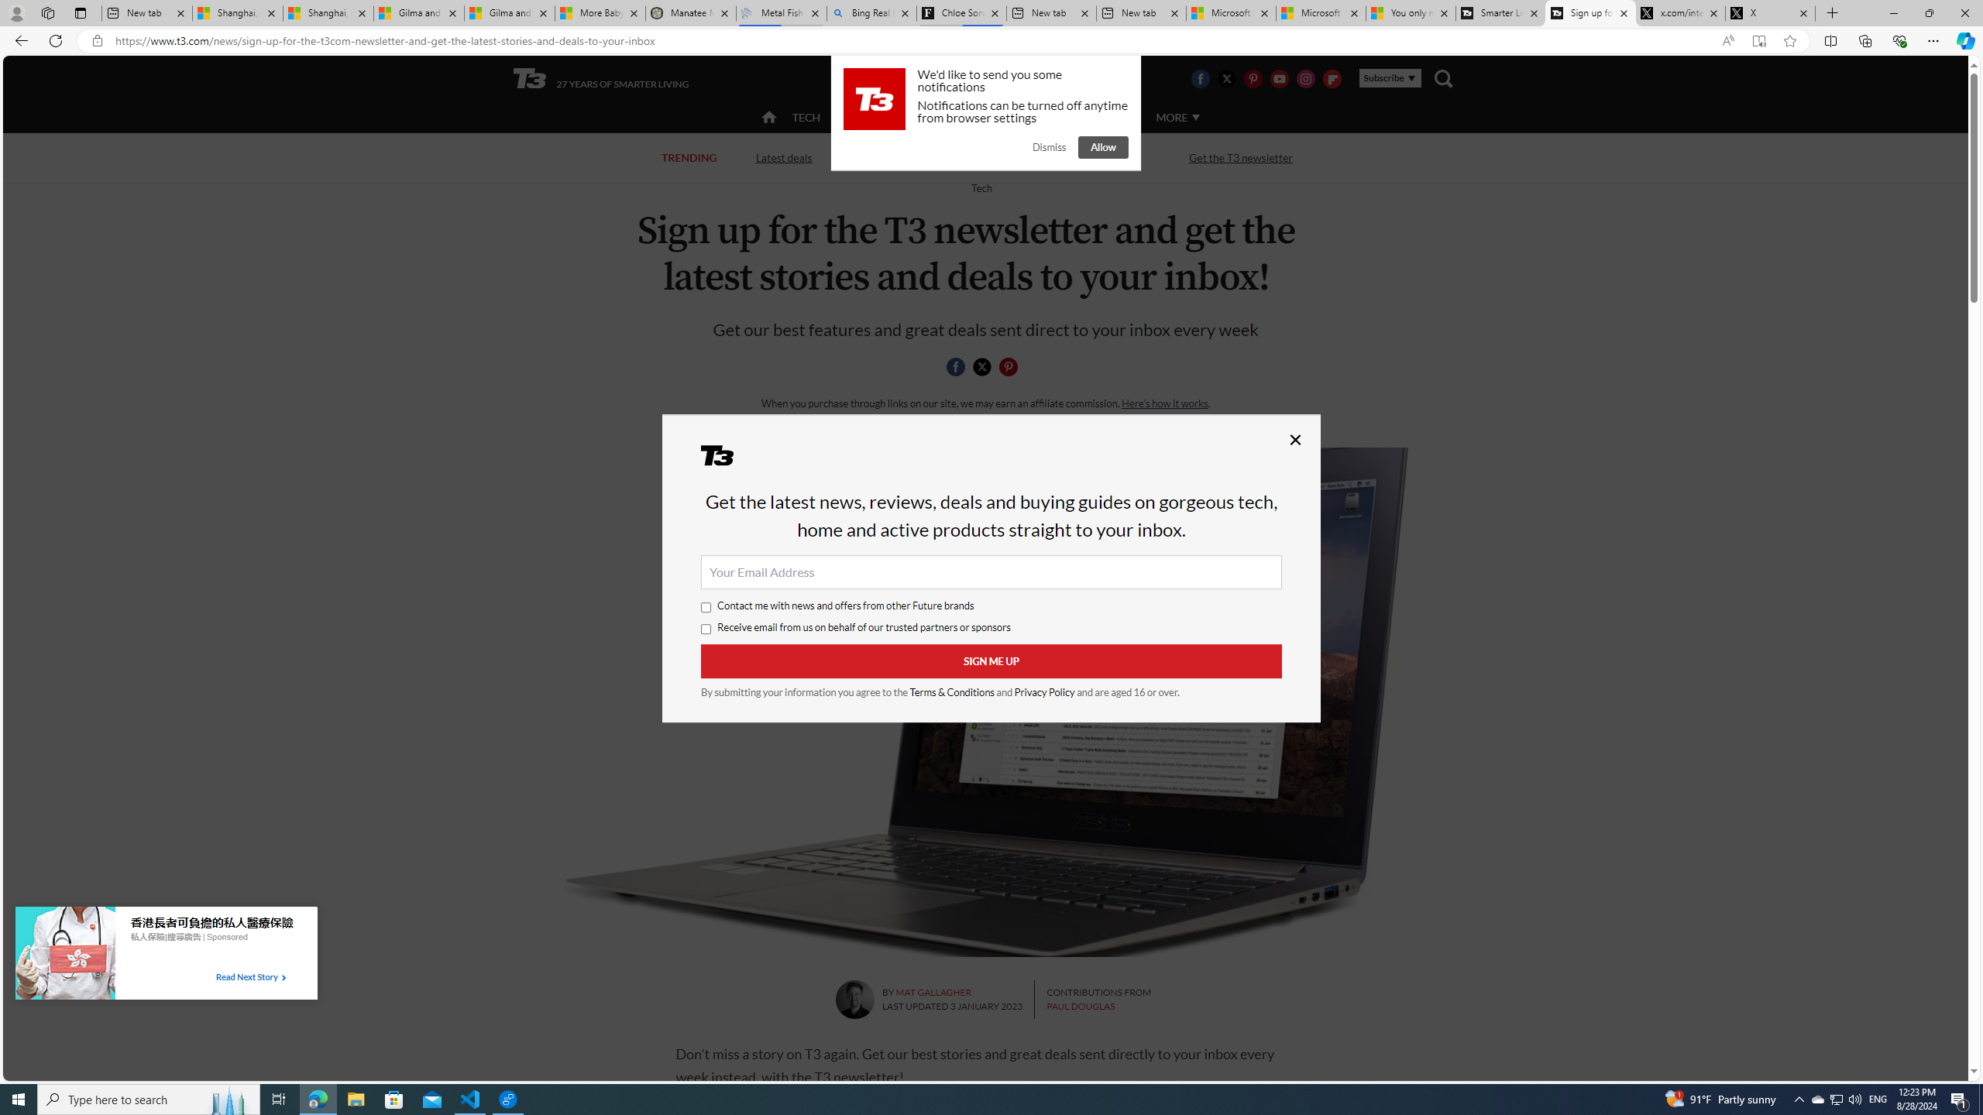  I want to click on 'Streaming TV and movies', so click(1073, 156).